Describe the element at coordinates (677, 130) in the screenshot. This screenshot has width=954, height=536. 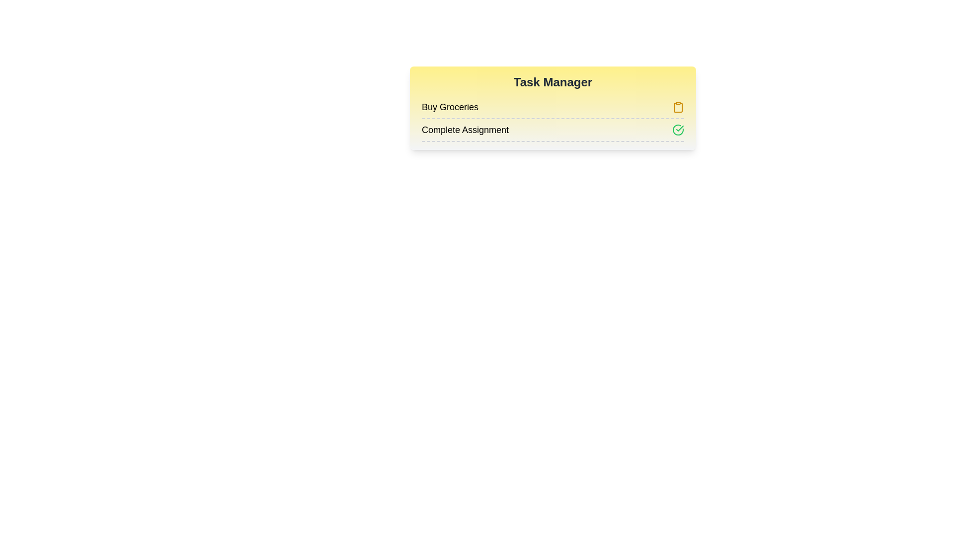
I see `the circular icon with a green border and a checkmark inside, located at the far-right side of the 'Complete Assignment' task row` at that location.